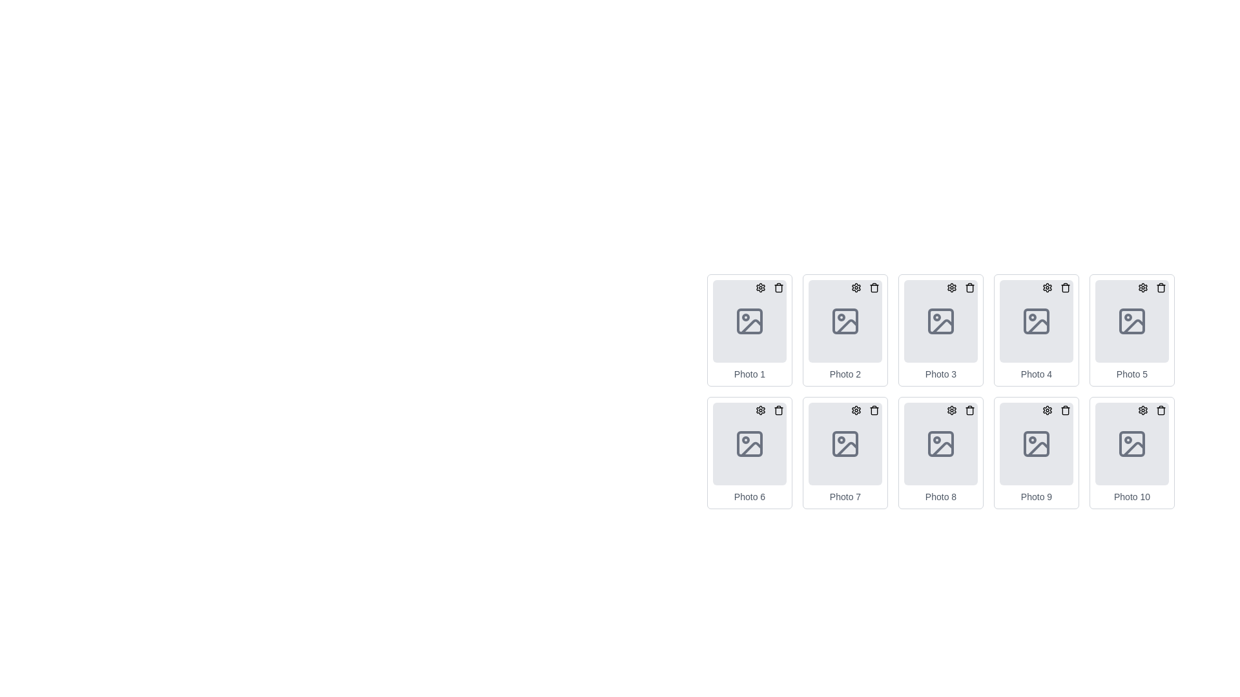  I want to click on the operational toolbar for the 'Photo 4' item, which provides quick access to settings and delete actions, located in the top-right corner inside its card, so click(1057, 287).